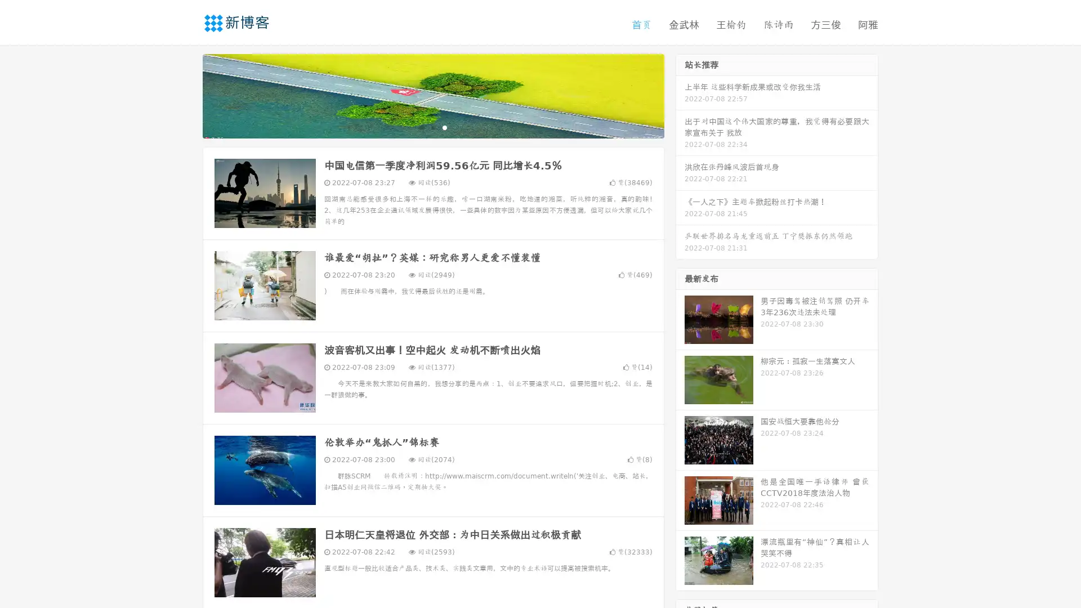 The height and width of the screenshot is (608, 1081). What do you see at coordinates (680, 95) in the screenshot?
I see `Next slide` at bounding box center [680, 95].